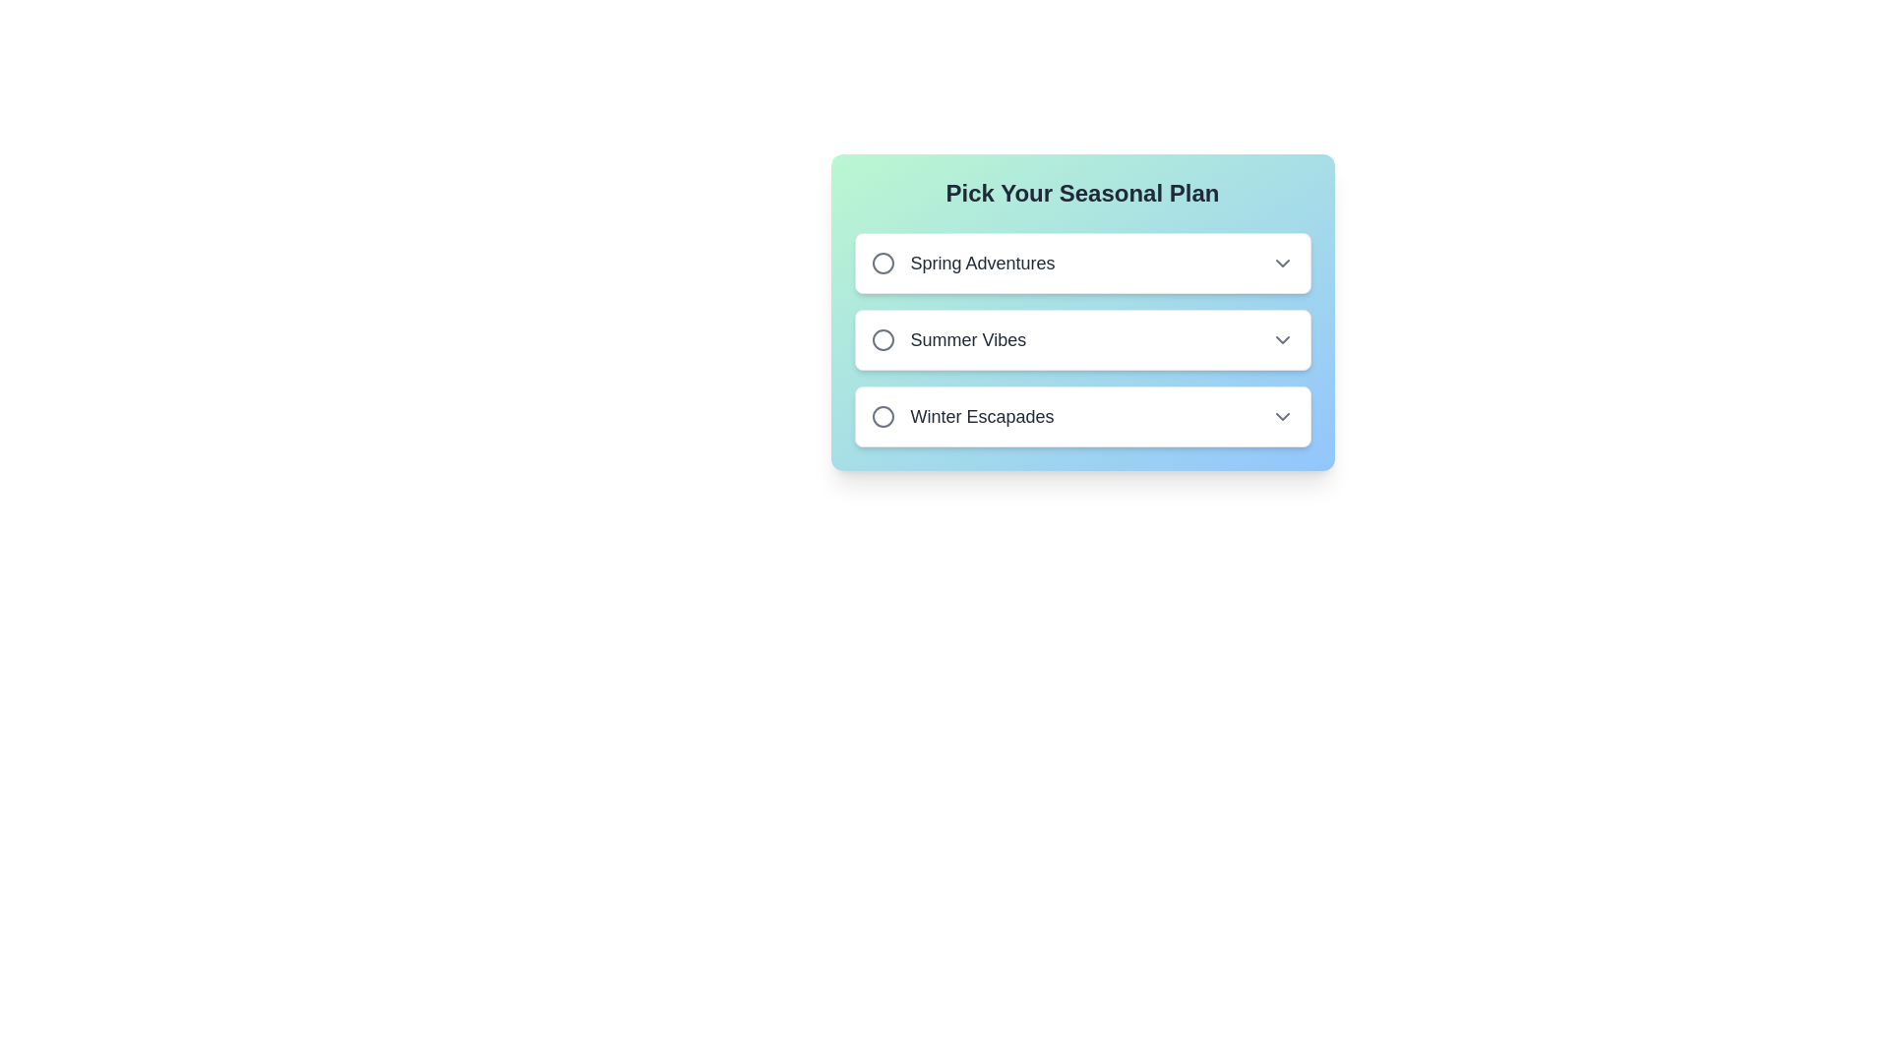  What do you see at coordinates (882, 339) in the screenshot?
I see `the circular radio button element located to the left of the text 'Summer Vibes'` at bounding box center [882, 339].